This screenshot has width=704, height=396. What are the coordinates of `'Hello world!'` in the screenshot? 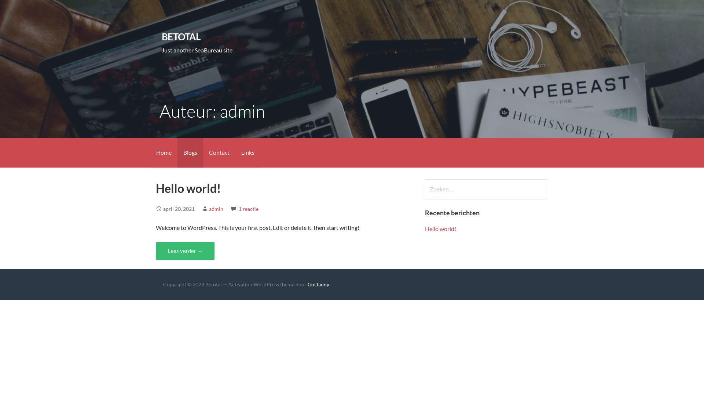 It's located at (188, 188).